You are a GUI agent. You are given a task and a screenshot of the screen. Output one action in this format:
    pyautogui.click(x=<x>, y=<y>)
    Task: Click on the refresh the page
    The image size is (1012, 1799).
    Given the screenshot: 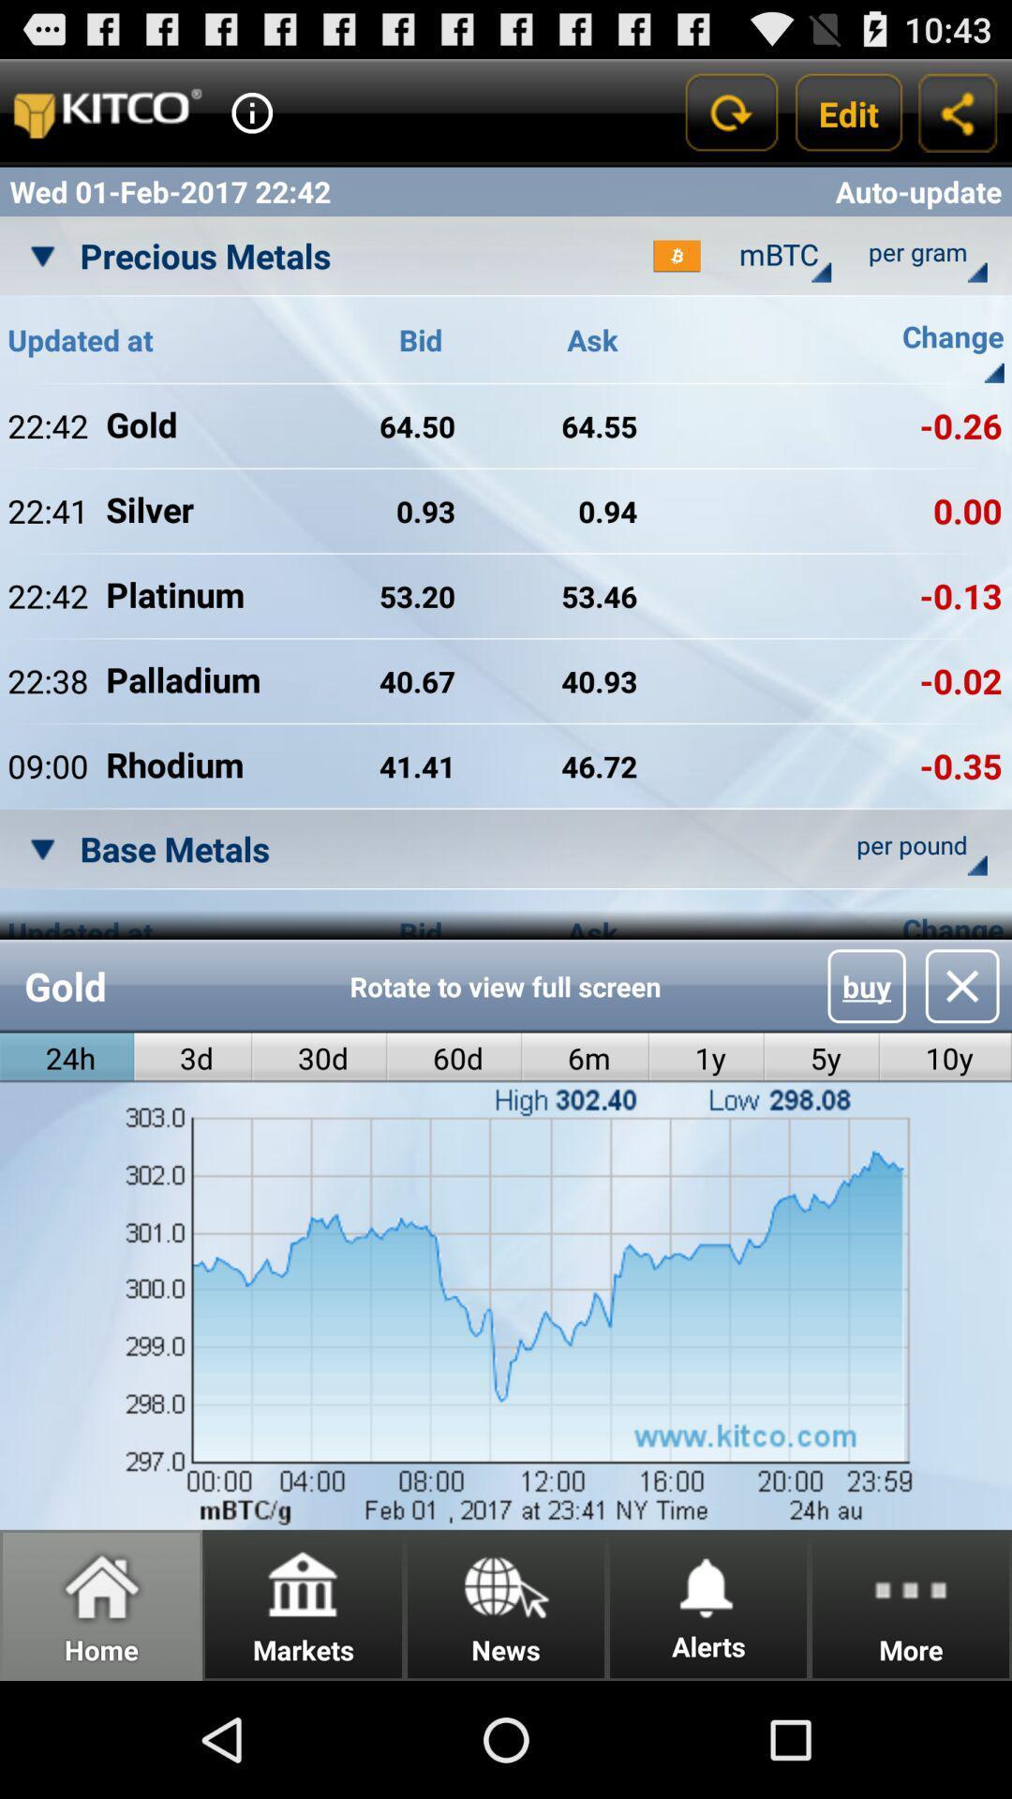 What is the action you would take?
    pyautogui.click(x=729, y=112)
    